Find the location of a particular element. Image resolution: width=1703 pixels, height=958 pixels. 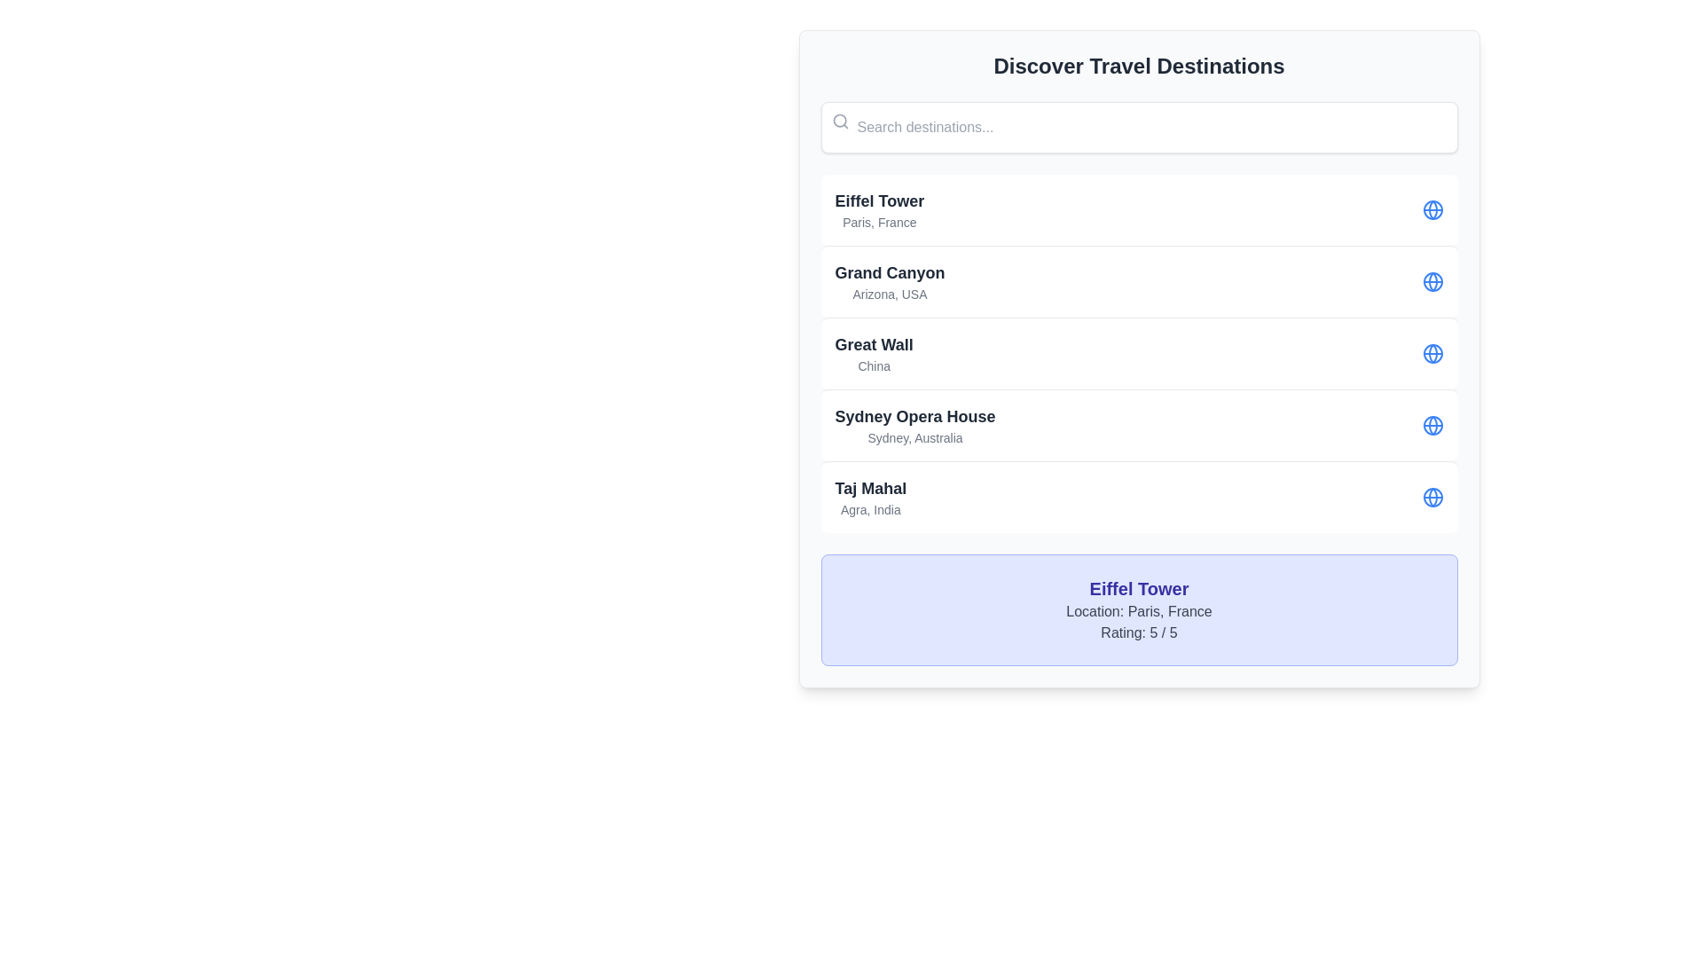

the last item in the list of travel destinations, which provides information about 'Taj Mahal, Agra, India' is located at coordinates (1139, 497).